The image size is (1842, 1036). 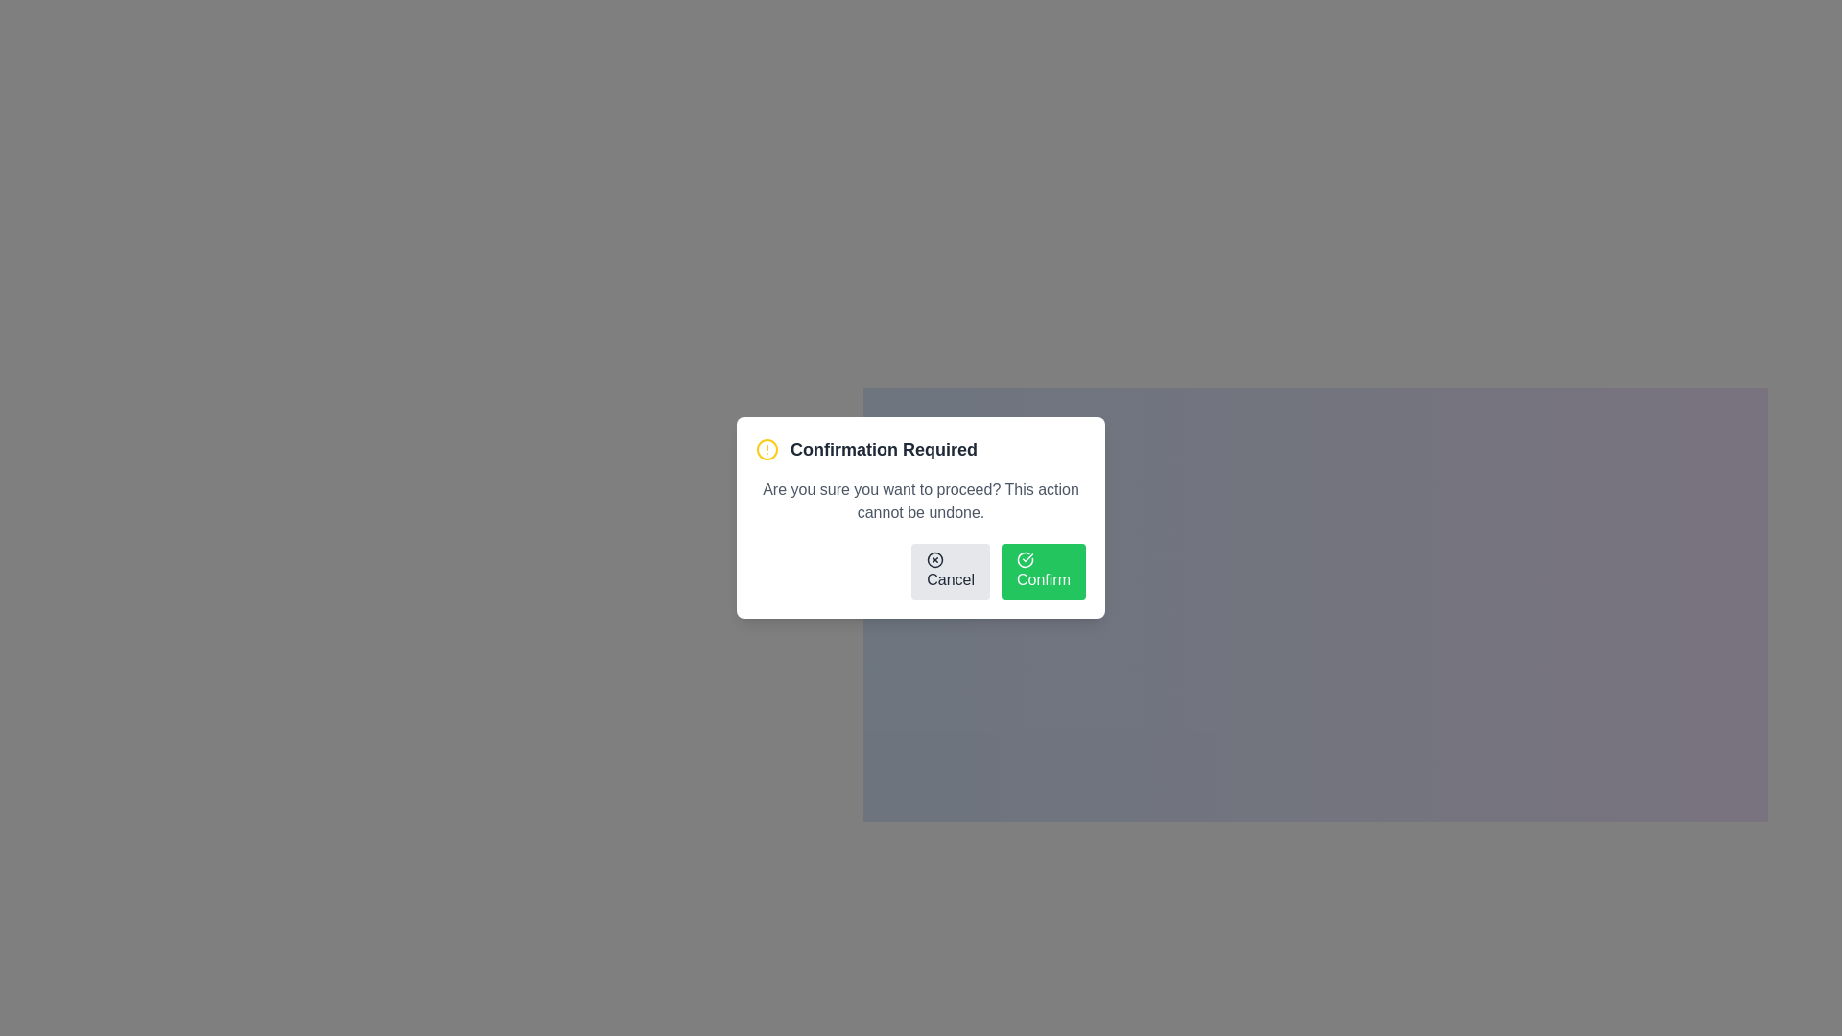 I want to click on the informative message text in the confirmation dialog, which is located directly beneath the heading 'Confirmation Required' and above the buttons 'Cancel' and 'Confirm', so click(x=921, y=501).